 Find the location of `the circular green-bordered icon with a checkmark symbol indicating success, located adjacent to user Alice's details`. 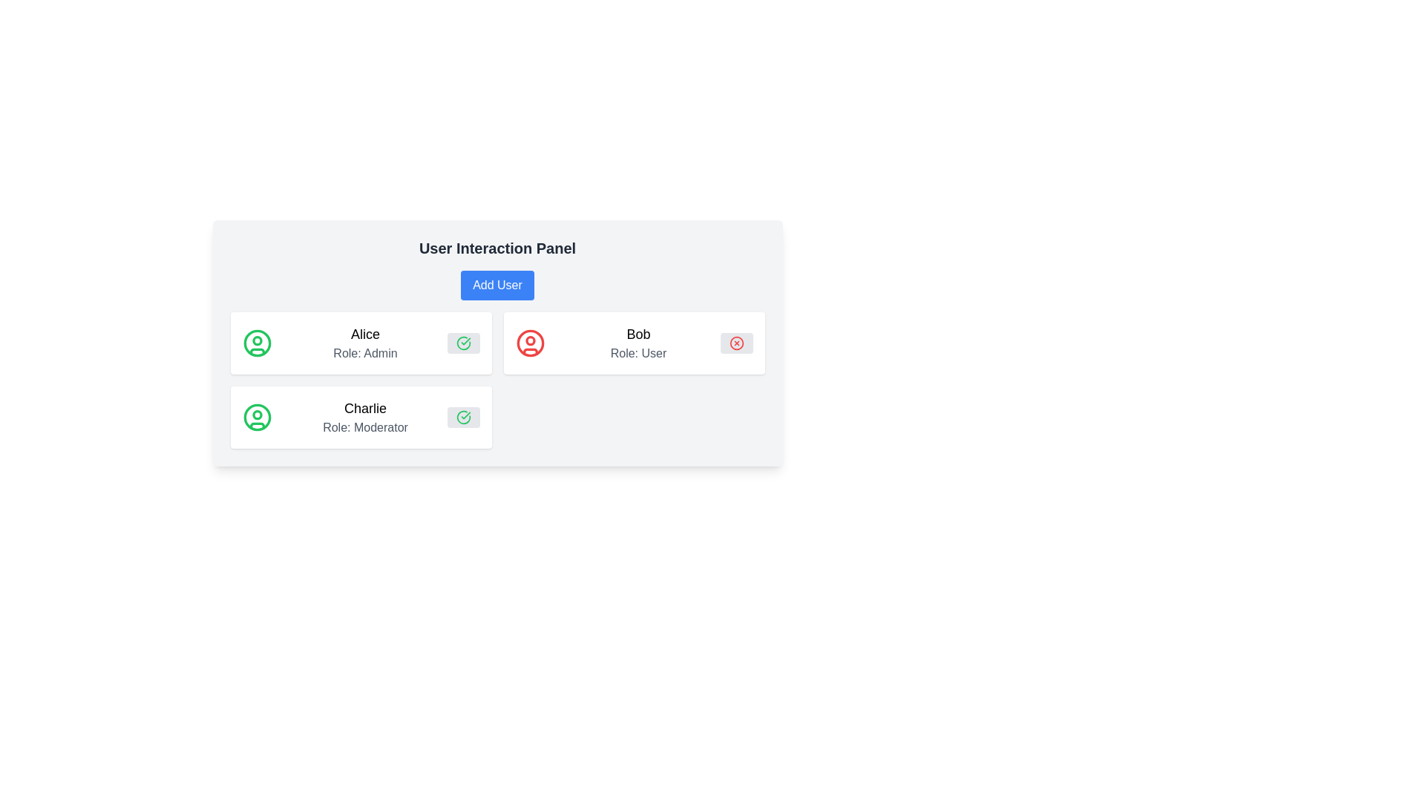

the circular green-bordered icon with a checkmark symbol indicating success, located adjacent to user Alice's details is located at coordinates (462, 418).